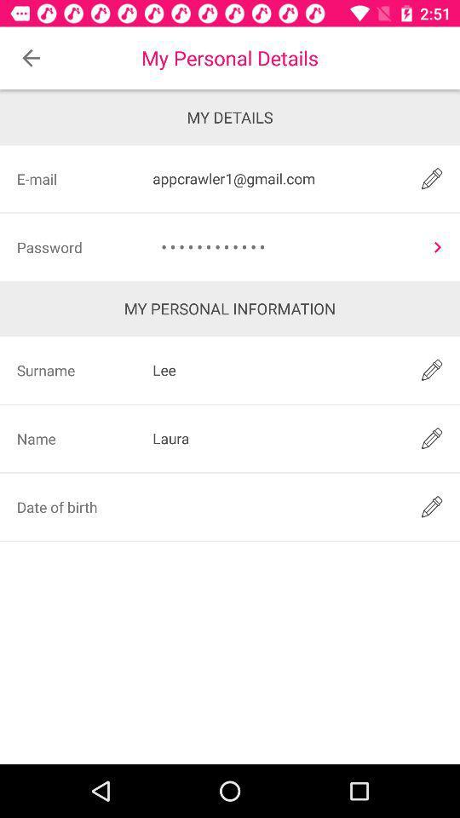  Describe the element at coordinates (437, 246) in the screenshot. I see `show passsword` at that location.